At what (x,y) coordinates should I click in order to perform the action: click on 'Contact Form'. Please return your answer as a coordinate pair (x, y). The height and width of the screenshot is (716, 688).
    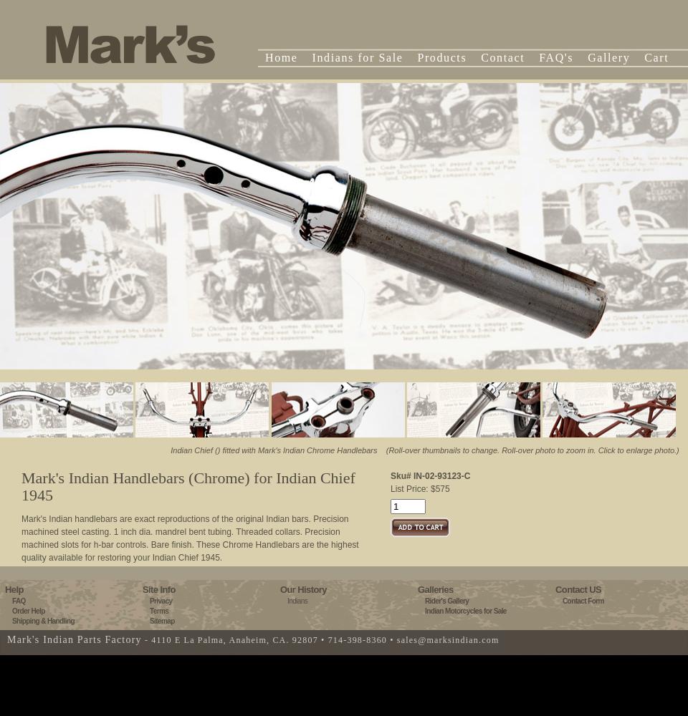
    Looking at the image, I should click on (562, 600).